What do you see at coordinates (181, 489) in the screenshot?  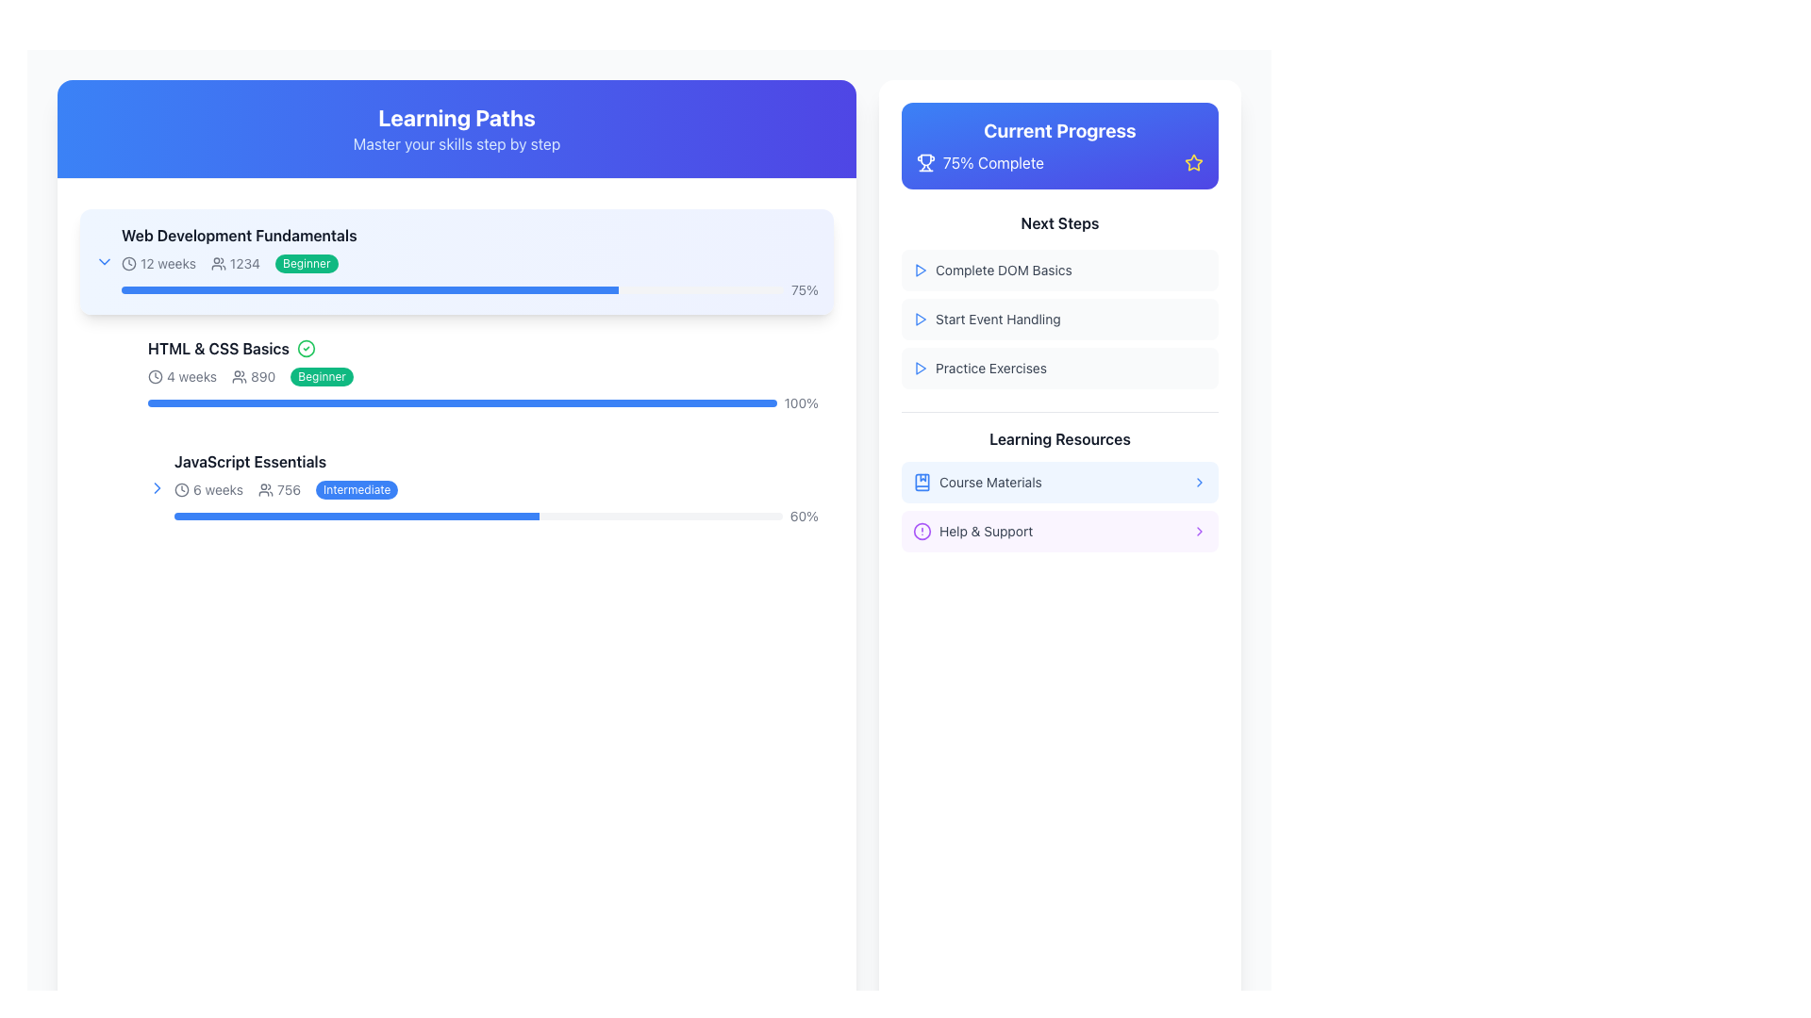 I see `the styling of the visual indicator icon located to the left of the '6 weeks' label under the 'JavaScript Essentials' section` at bounding box center [181, 489].